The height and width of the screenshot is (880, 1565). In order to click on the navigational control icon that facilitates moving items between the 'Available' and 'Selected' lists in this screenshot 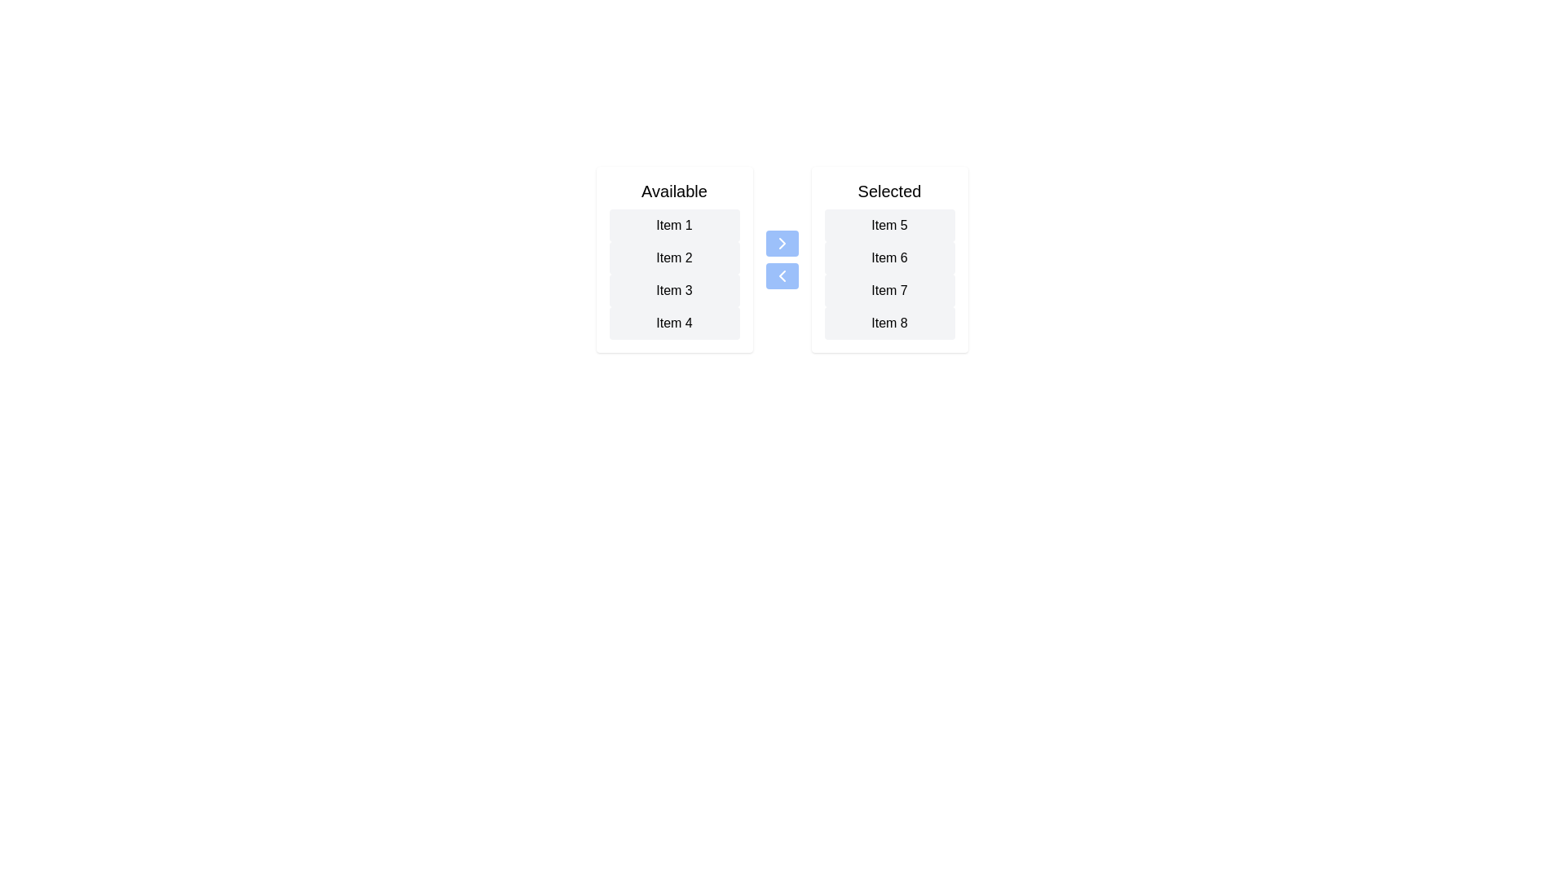, I will do `click(781, 275)`.